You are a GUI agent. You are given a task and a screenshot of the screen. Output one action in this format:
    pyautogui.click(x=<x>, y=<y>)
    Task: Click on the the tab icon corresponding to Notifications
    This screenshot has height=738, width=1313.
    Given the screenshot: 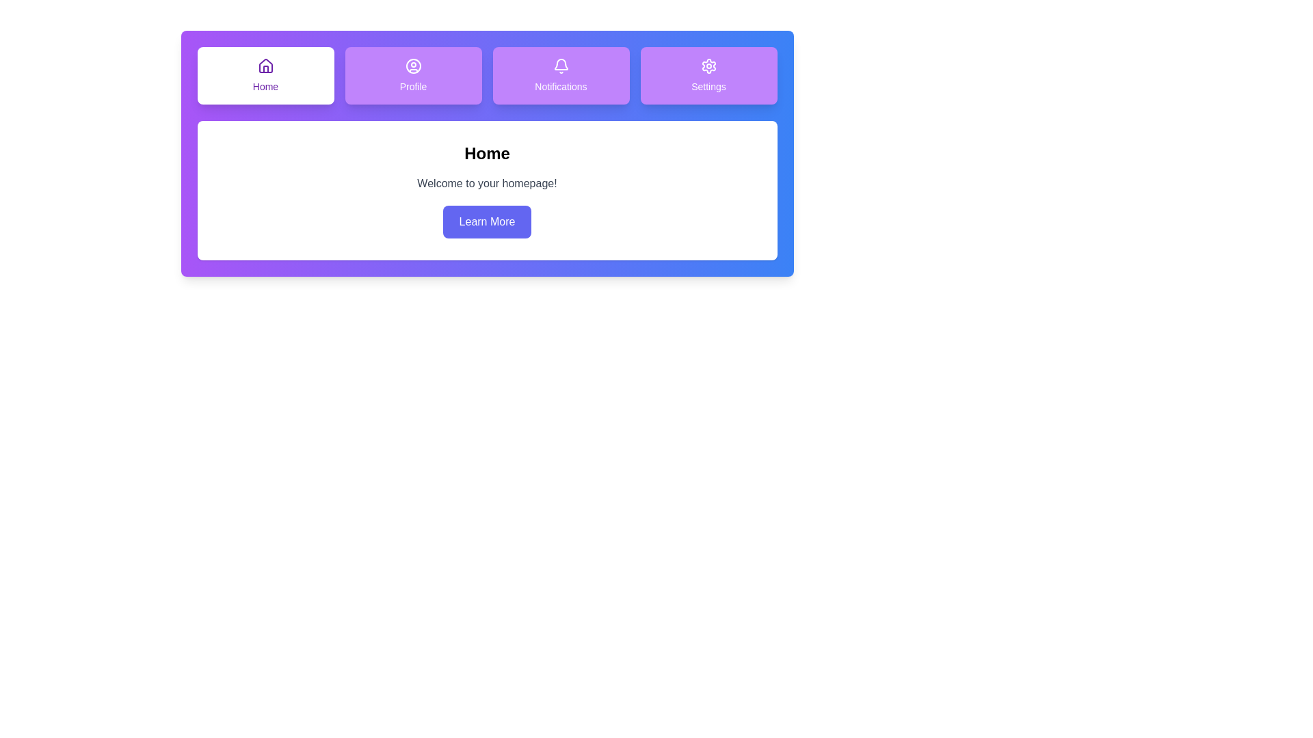 What is the action you would take?
    pyautogui.click(x=561, y=76)
    